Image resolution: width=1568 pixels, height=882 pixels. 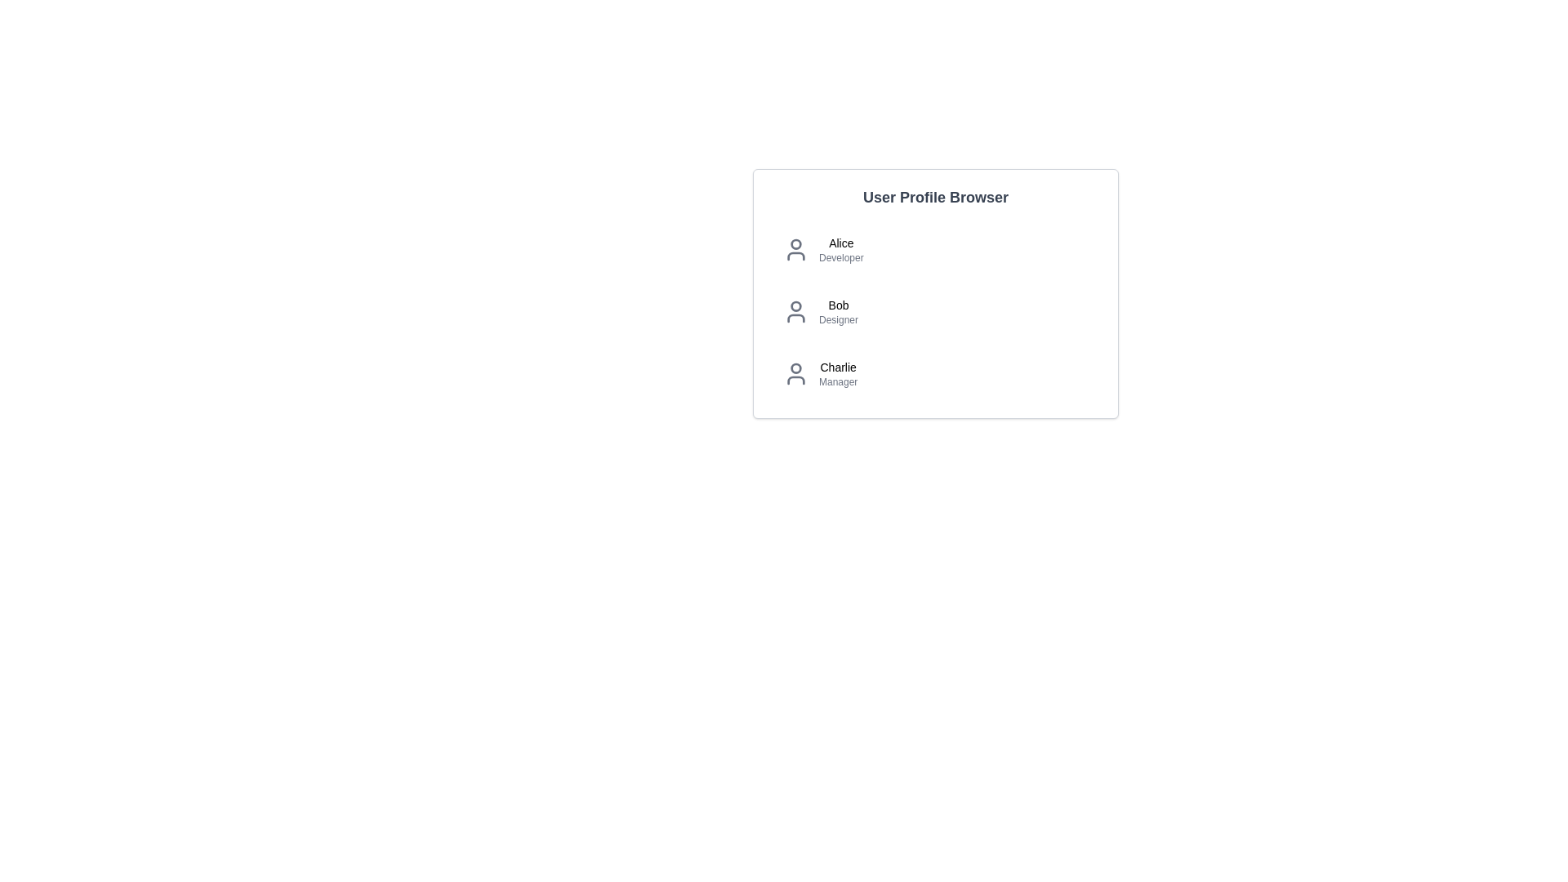 I want to click on the circular graphical component that represents the head of the user profile icon for Charlie, the third user in the profile browser, so click(x=795, y=368).